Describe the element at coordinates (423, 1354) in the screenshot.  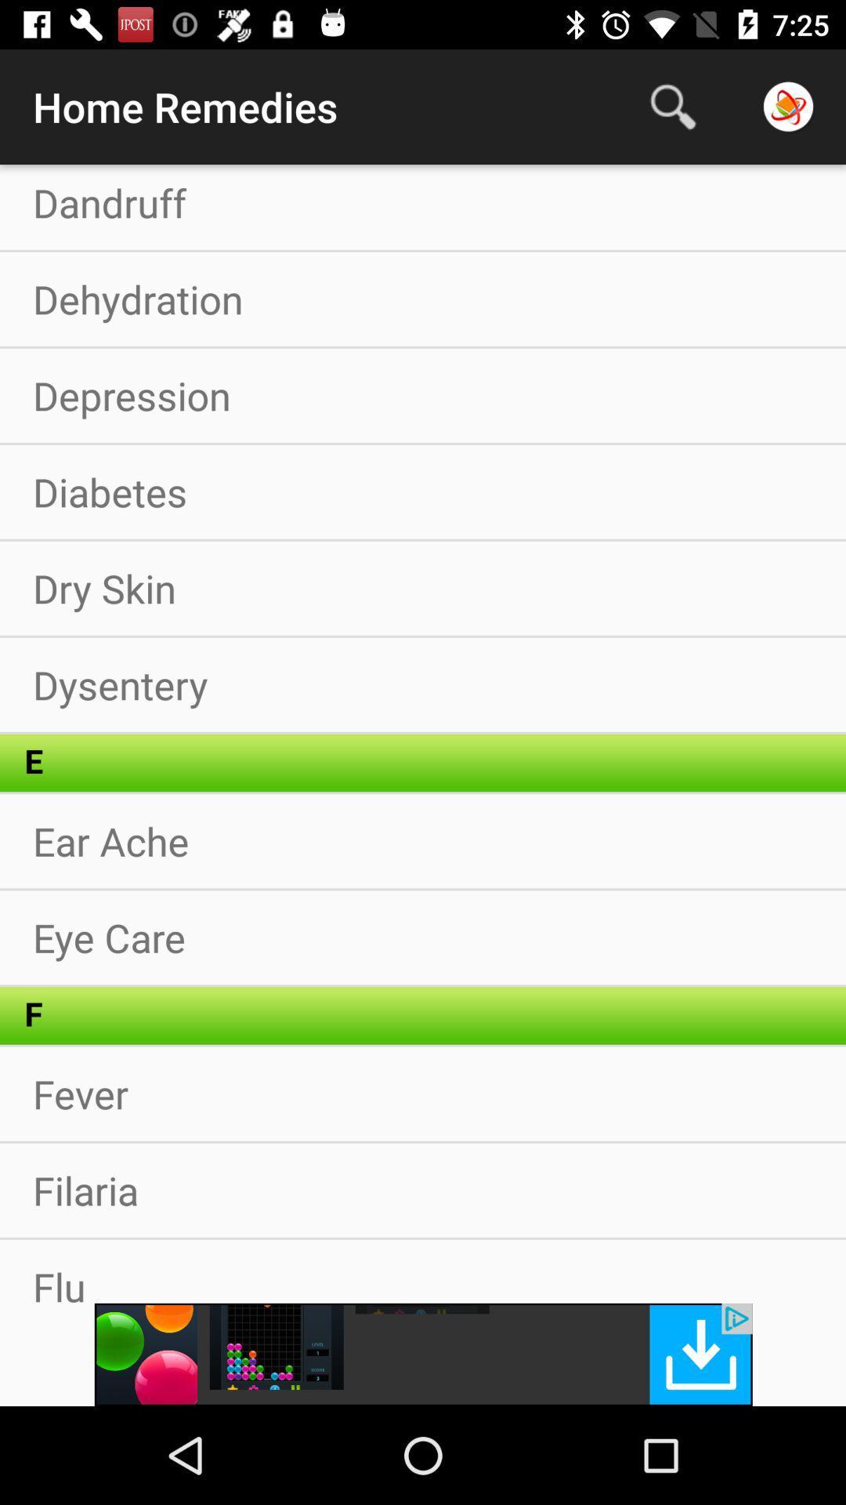
I see `the advertisement` at that location.